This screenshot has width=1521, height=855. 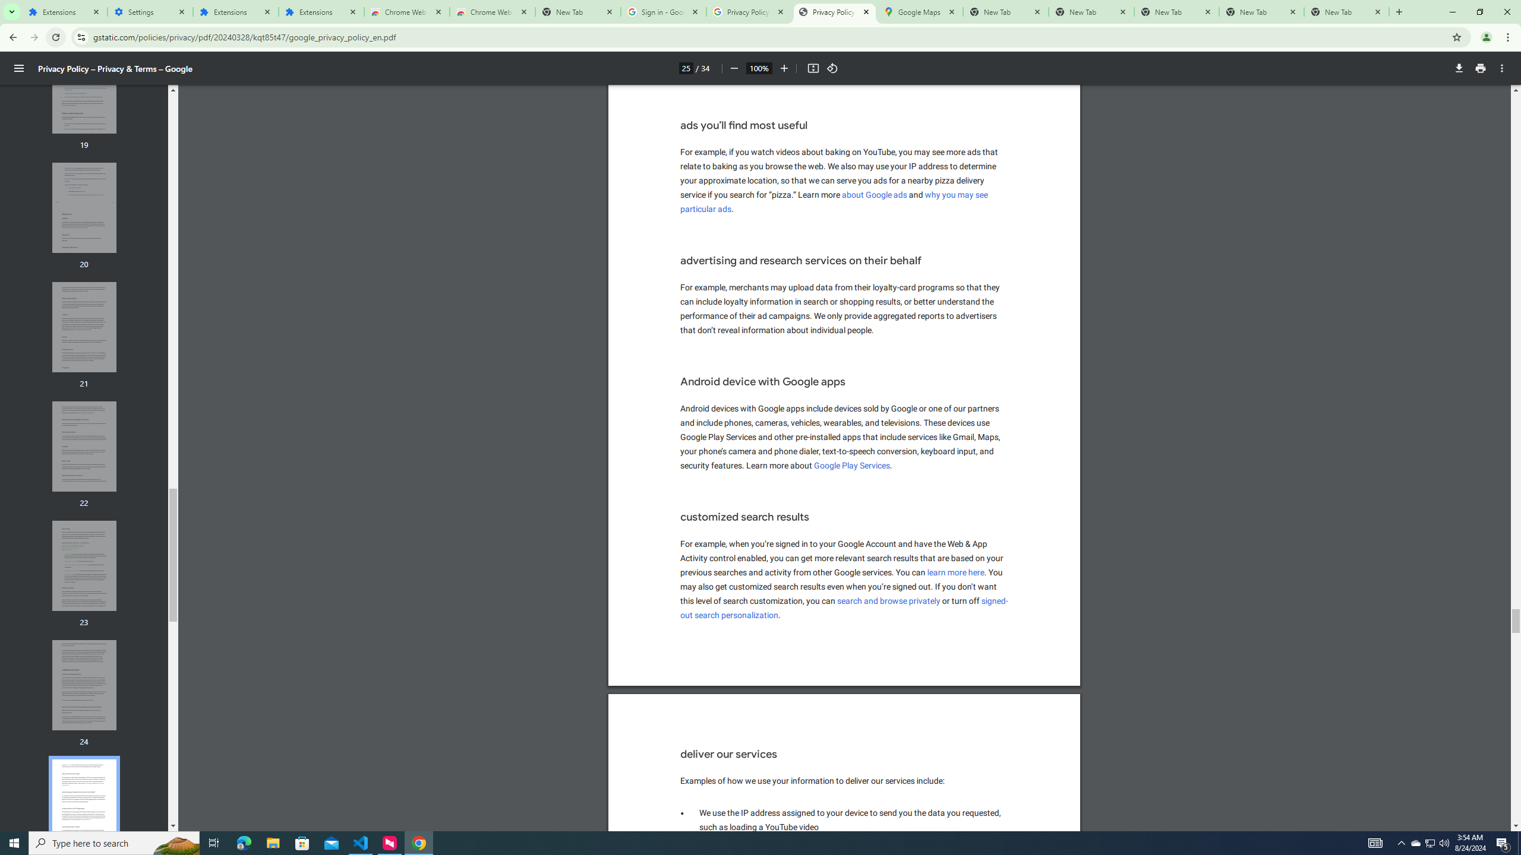 I want to click on 'Zoom level', so click(x=758, y=68).